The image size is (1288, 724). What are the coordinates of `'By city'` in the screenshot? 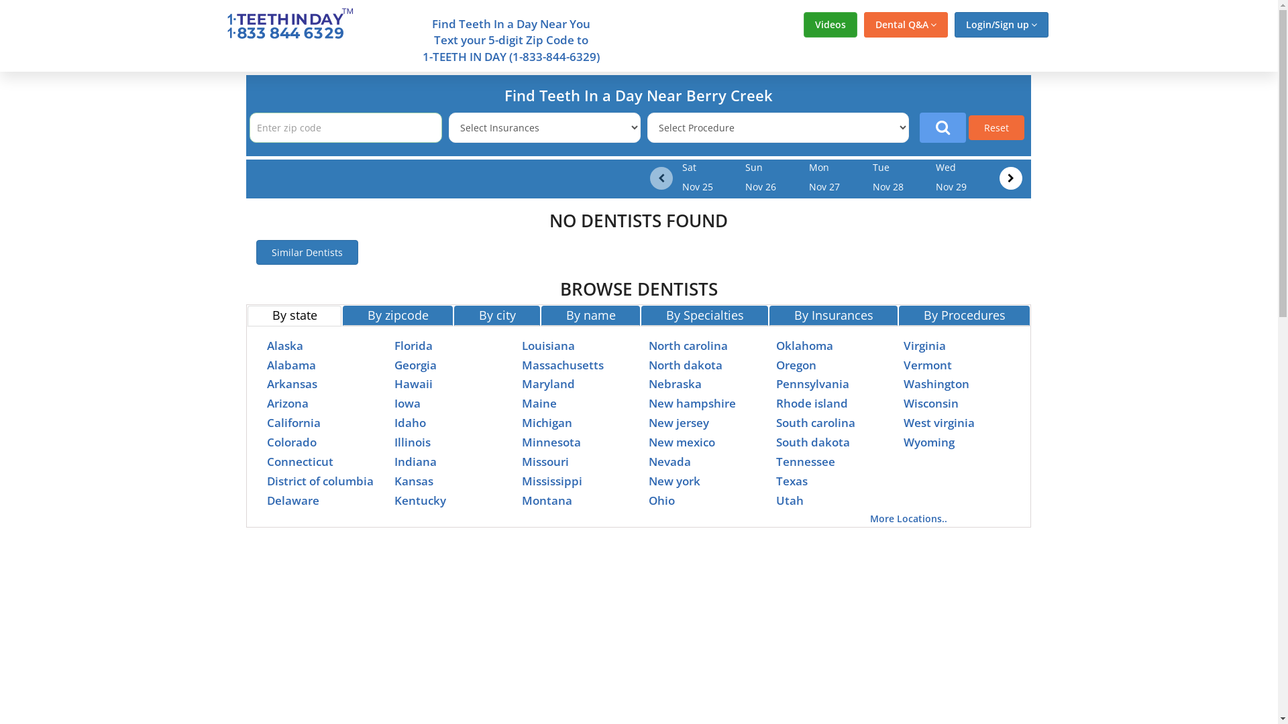 It's located at (453, 315).